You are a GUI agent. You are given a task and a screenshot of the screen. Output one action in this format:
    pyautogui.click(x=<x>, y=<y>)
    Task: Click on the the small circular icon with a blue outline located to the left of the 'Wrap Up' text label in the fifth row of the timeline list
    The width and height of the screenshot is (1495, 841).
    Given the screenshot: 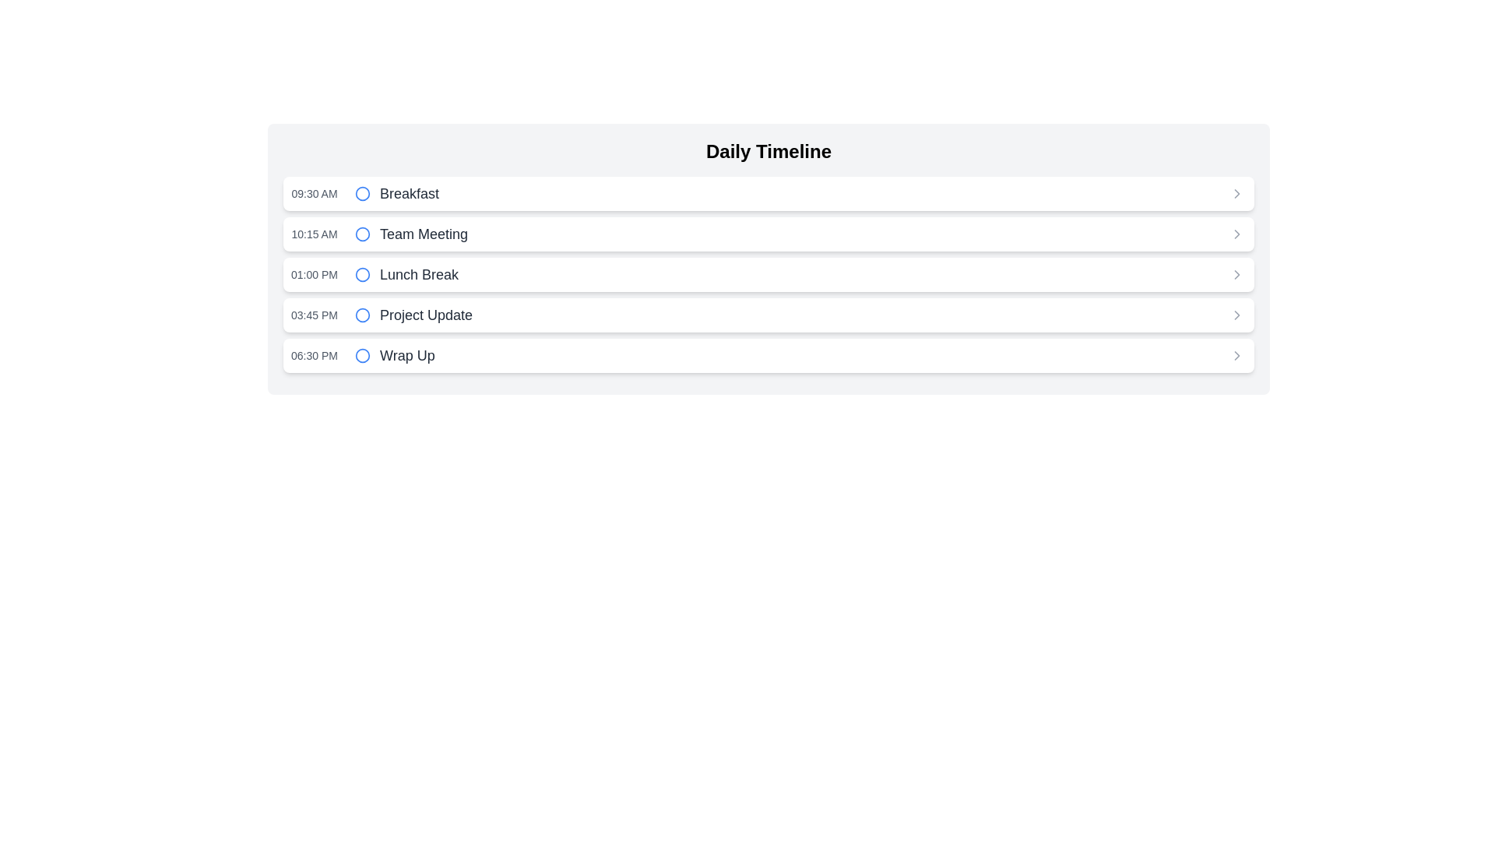 What is the action you would take?
    pyautogui.click(x=361, y=355)
    